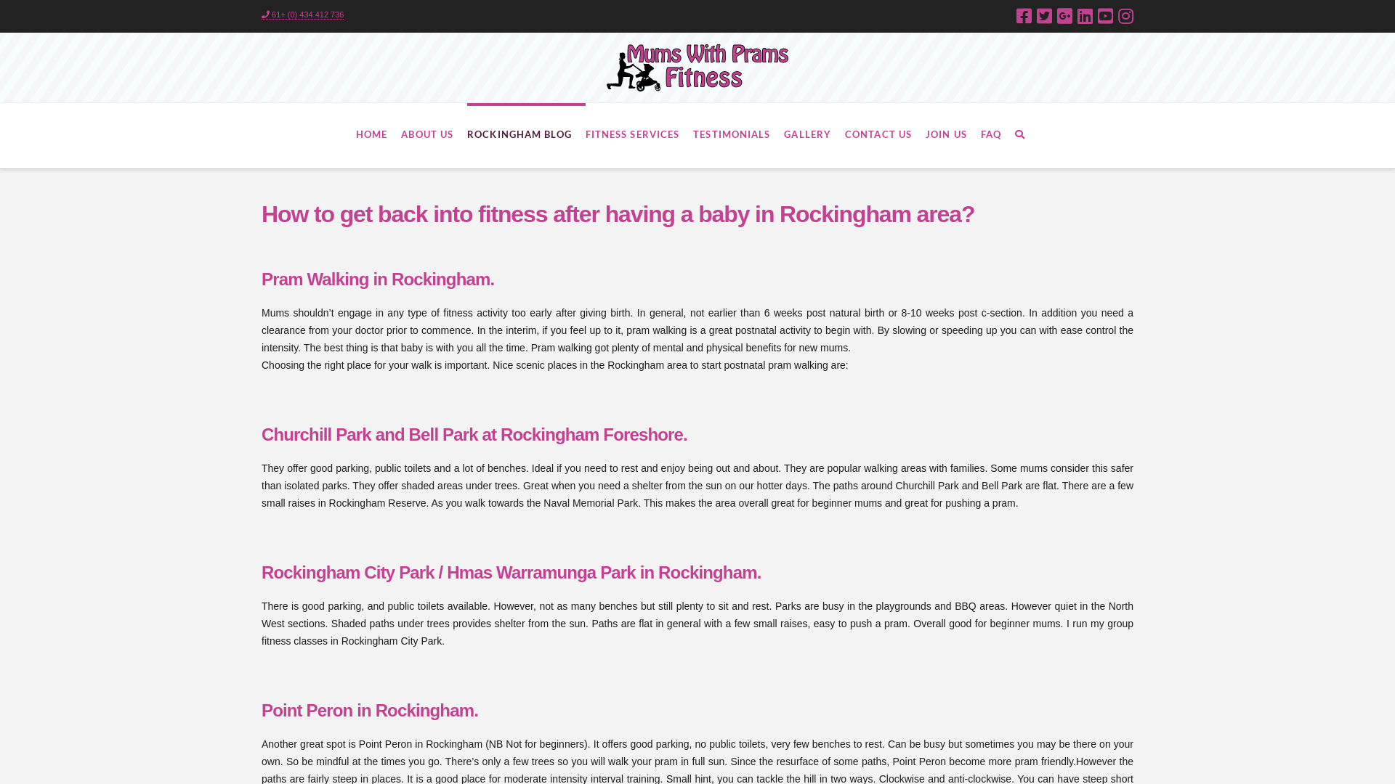  What do you see at coordinates (814, 135) in the screenshot?
I see `'GALLERY'` at bounding box center [814, 135].